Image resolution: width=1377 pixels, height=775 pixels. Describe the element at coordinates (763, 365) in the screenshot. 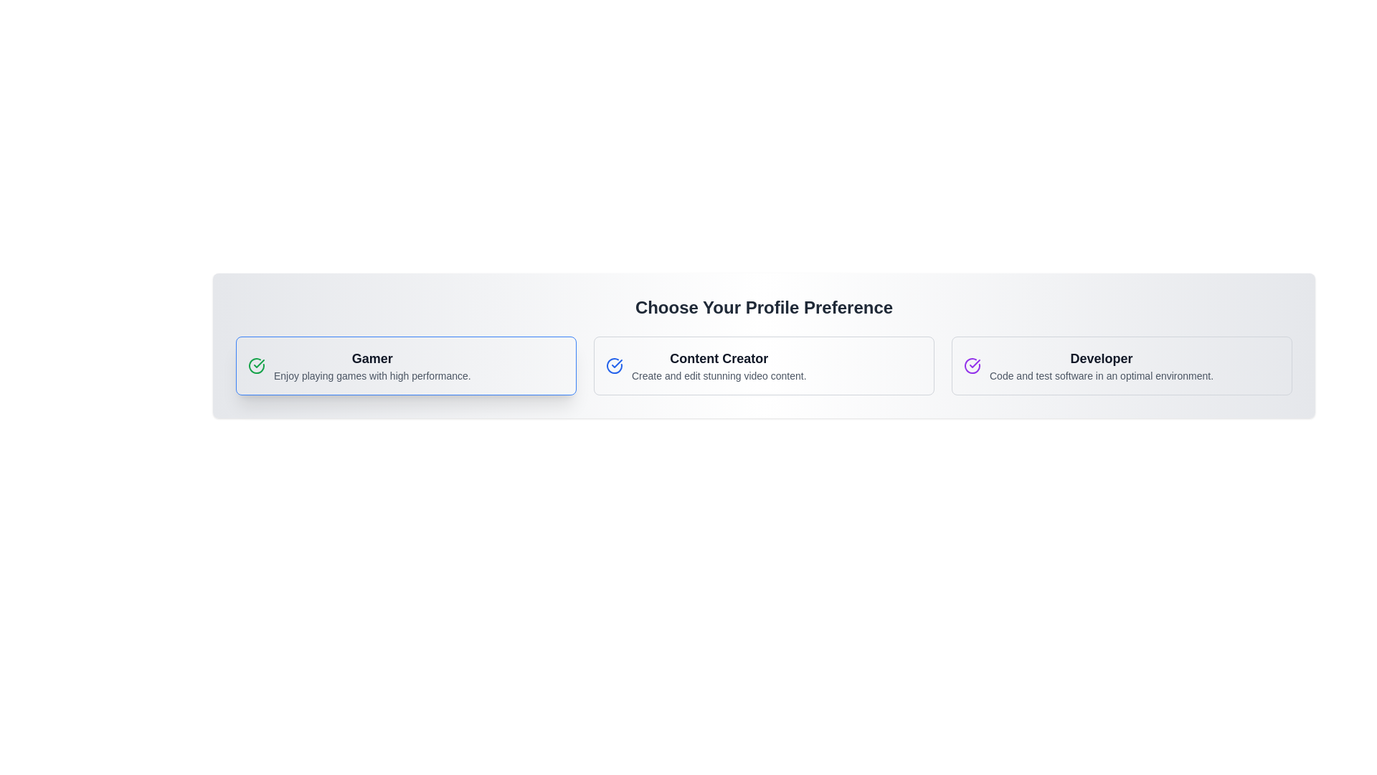

I see `the 'Content Creator' profile option, which features bold black text and a blue checkmark` at that location.